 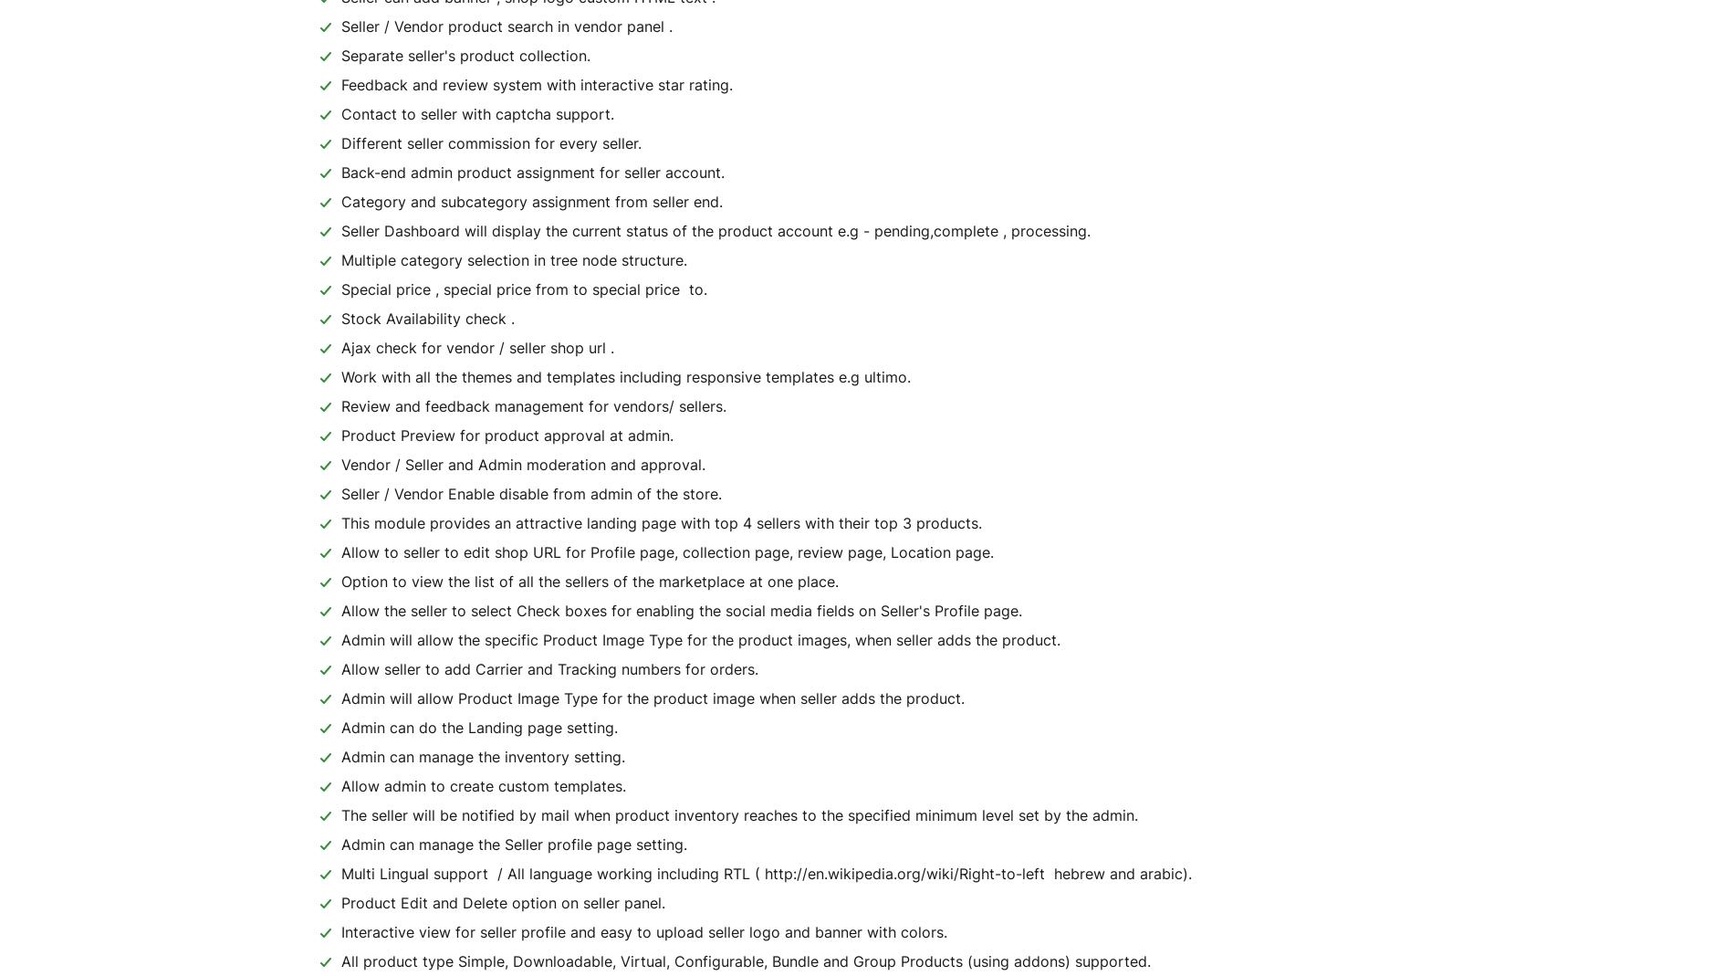 I want to click on 'Allow to seller to edit shop URL for Profile page, collection page, review page, Location page.', so click(x=666, y=551).